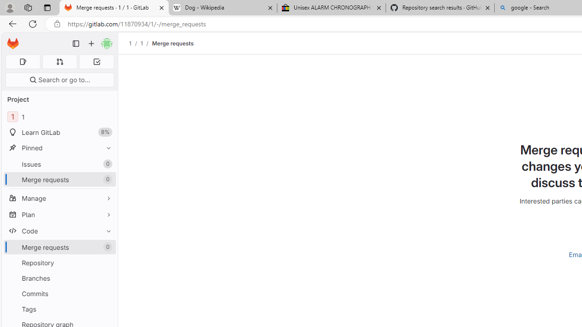 The height and width of the screenshot is (327, 582). Describe the element at coordinates (59, 198) in the screenshot. I see `'Manage'` at that location.